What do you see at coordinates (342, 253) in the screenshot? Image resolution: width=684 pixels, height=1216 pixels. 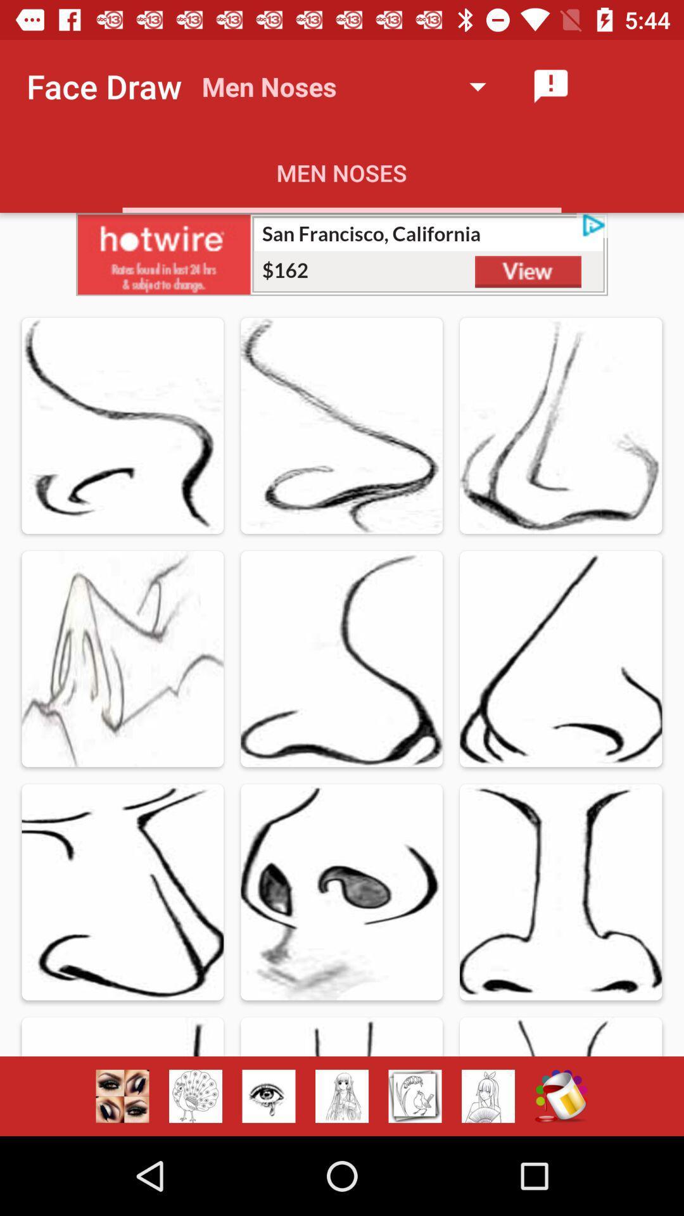 I see `advertisement page` at bounding box center [342, 253].